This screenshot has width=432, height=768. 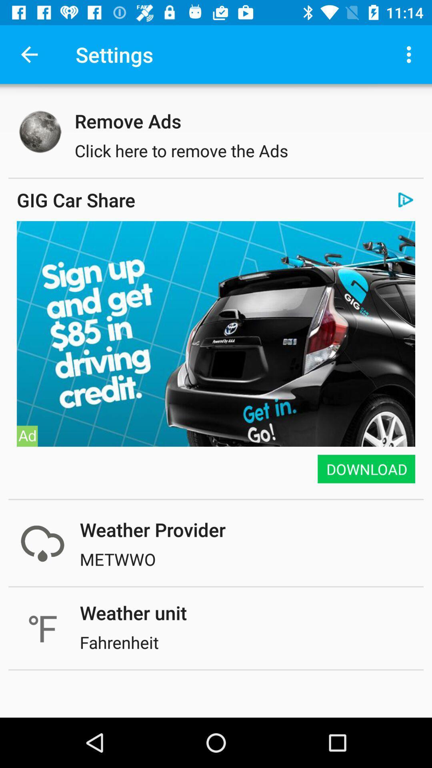 I want to click on item above the download item, so click(x=216, y=334).